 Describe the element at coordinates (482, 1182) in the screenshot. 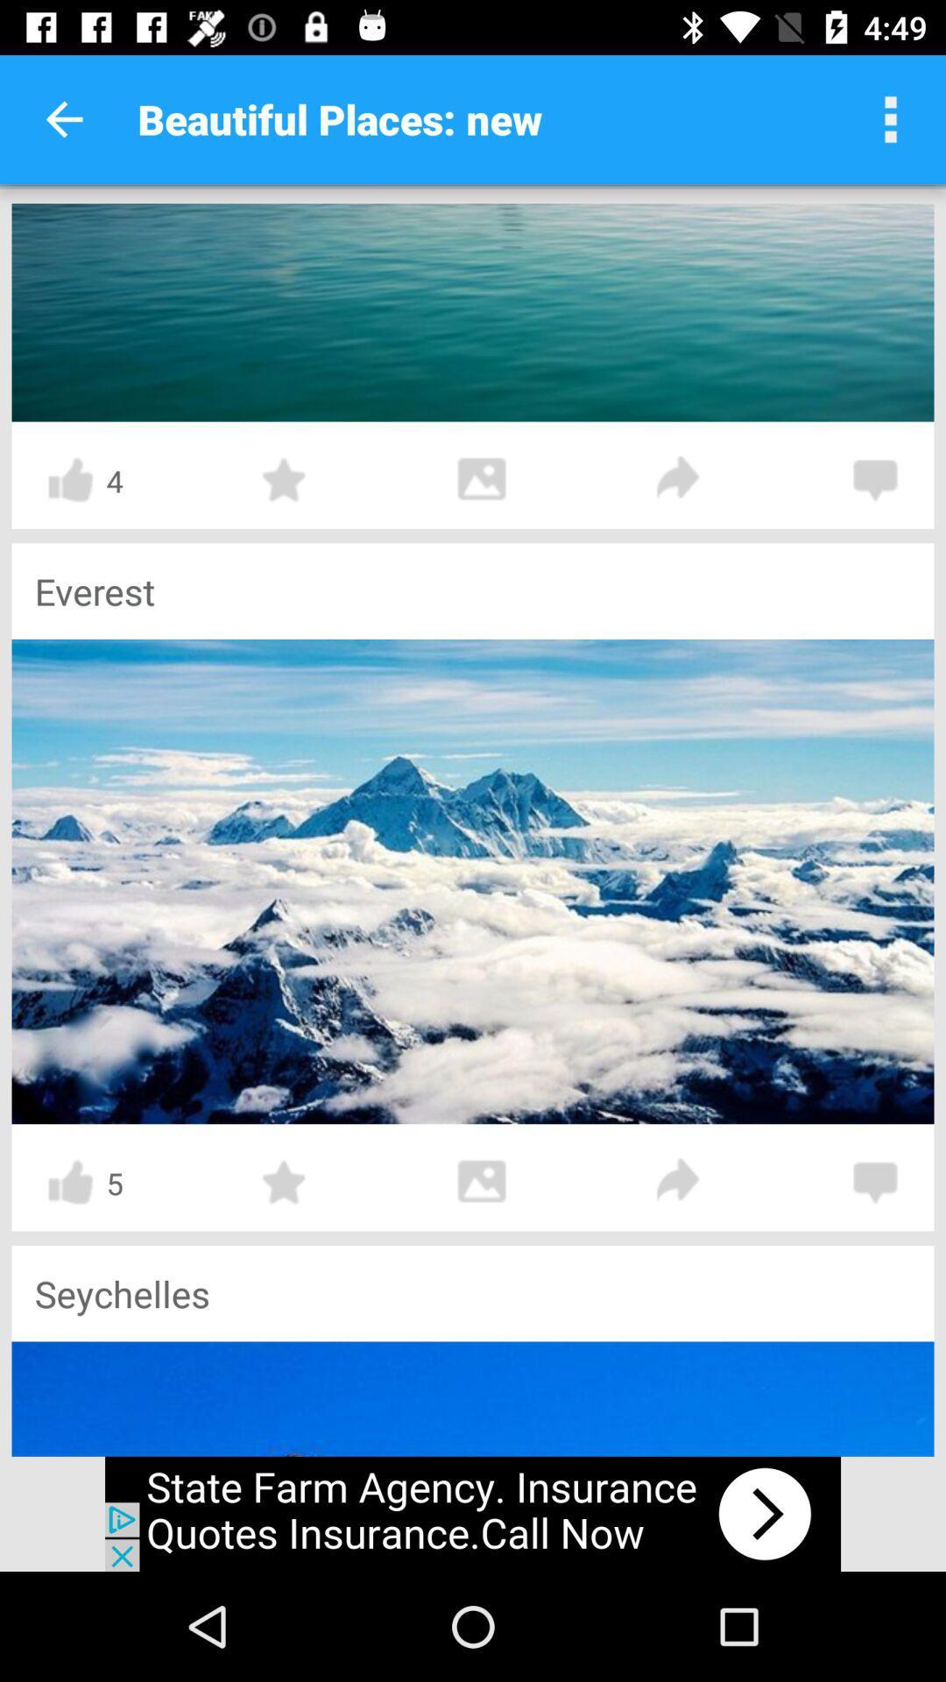

I see `photo` at that location.